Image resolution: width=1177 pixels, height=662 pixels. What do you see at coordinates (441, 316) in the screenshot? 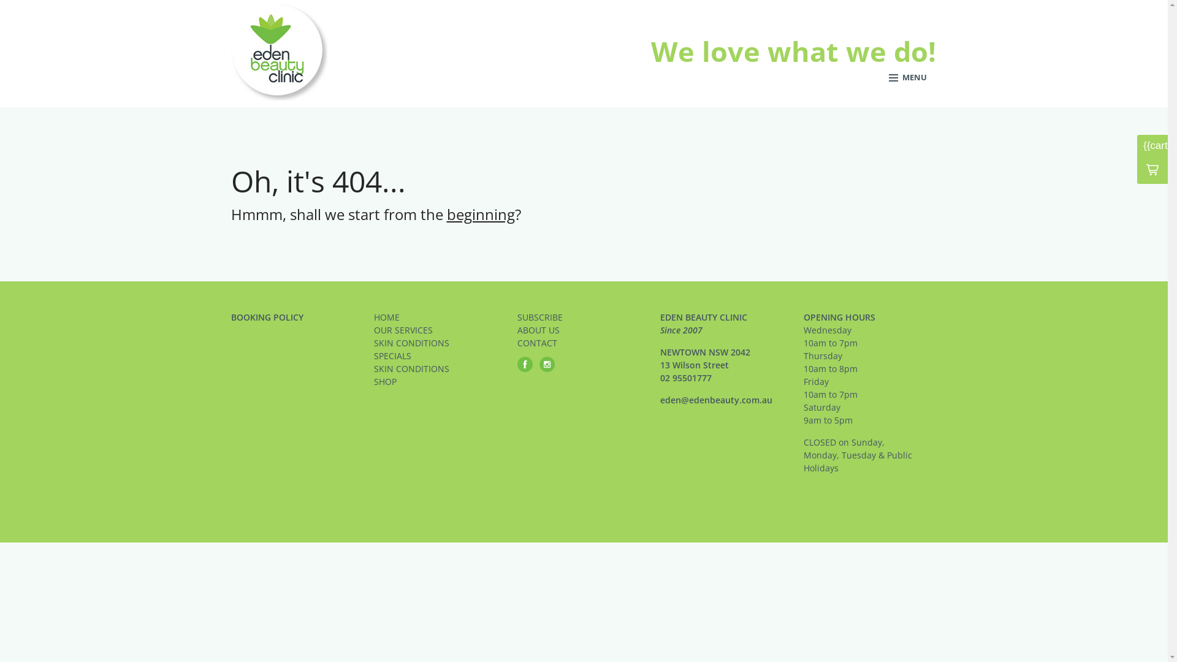
I see `'HOME'` at bounding box center [441, 316].